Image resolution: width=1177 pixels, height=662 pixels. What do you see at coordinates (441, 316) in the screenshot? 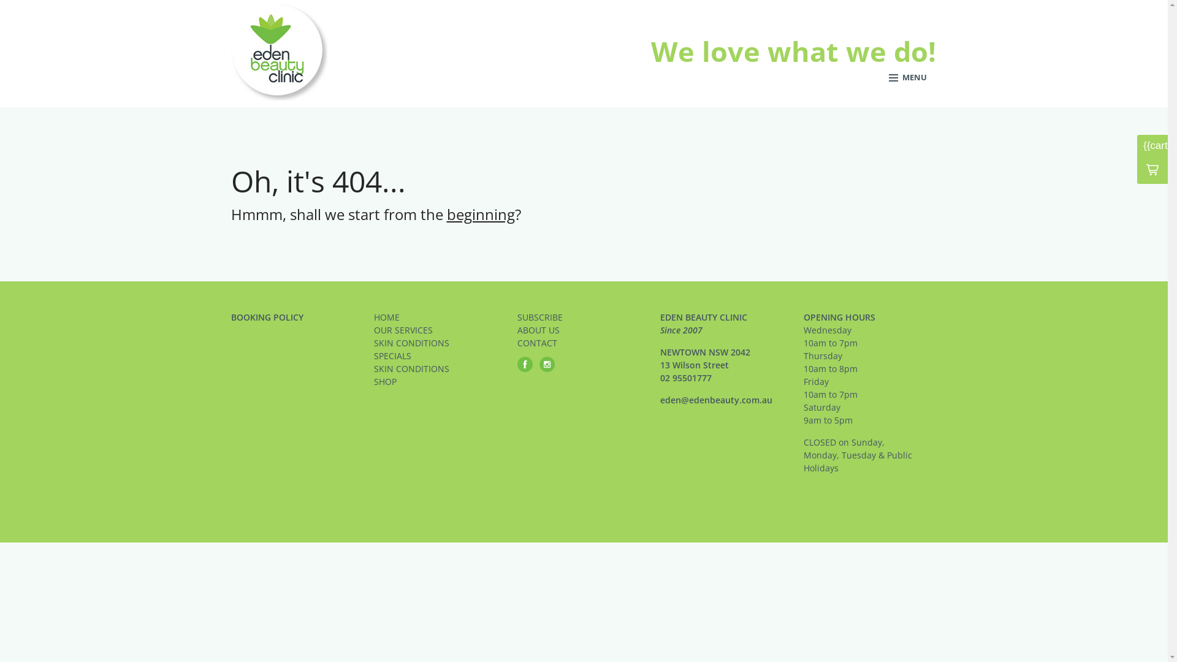
I see `'HOME'` at bounding box center [441, 316].